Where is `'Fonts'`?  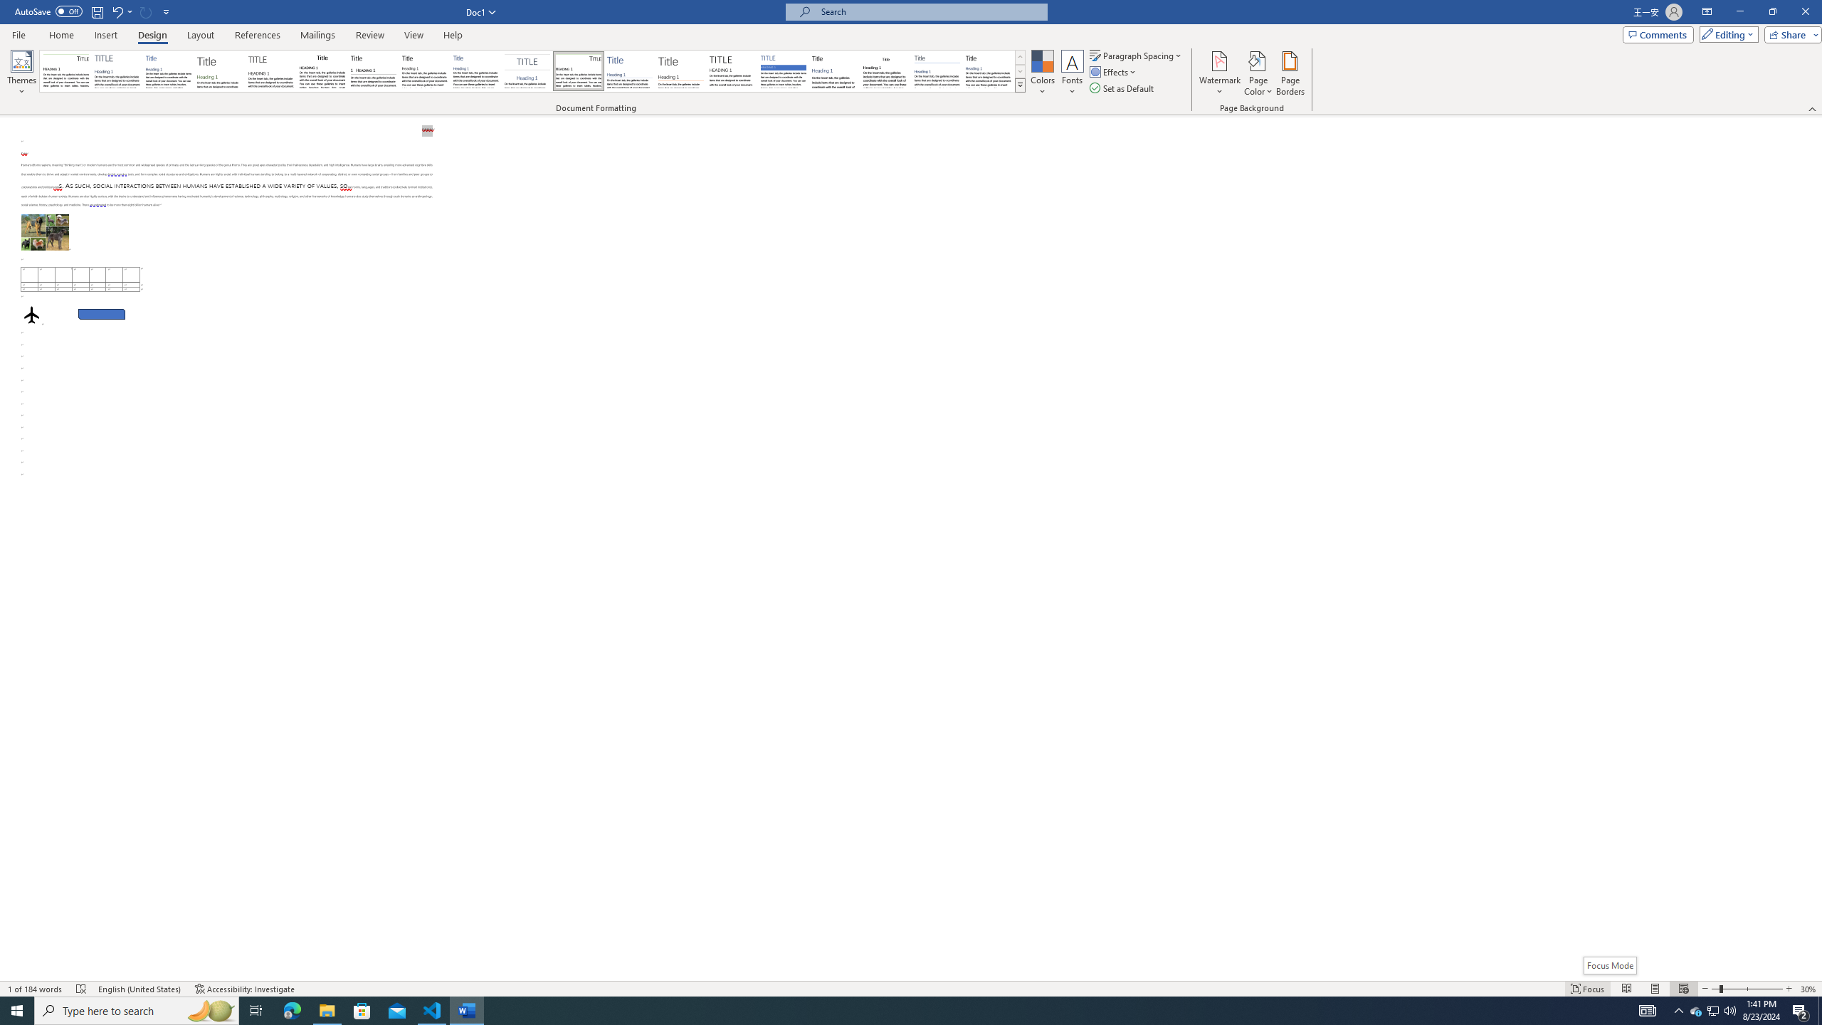
'Fonts' is located at coordinates (1071, 73).